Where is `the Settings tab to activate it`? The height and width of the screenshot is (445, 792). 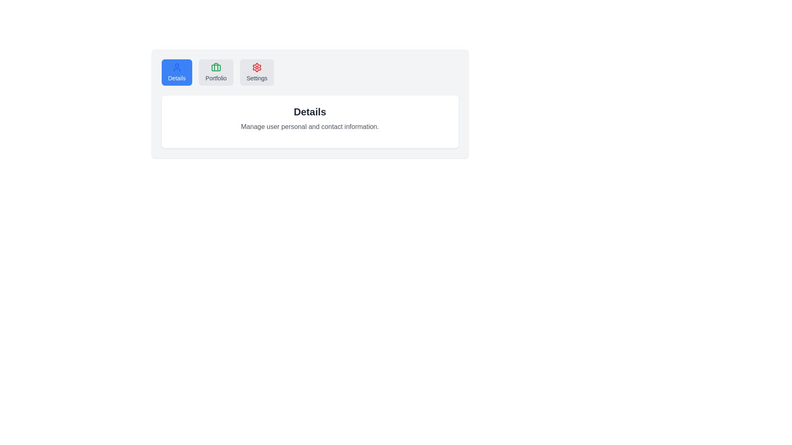
the Settings tab to activate it is located at coordinates (257, 72).